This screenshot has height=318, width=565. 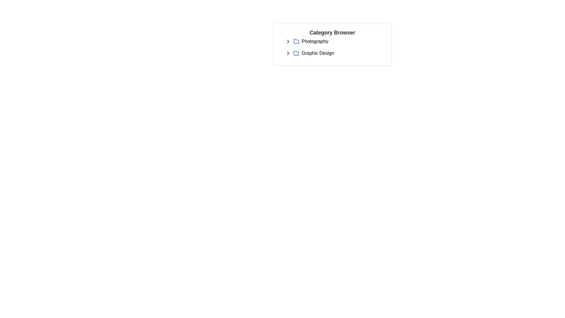 I want to click on the 'Graphic Design' folder icon located in the second row of the 'Category Browser', positioned to the left of the 'Graphic Design' text label, so click(x=296, y=53).